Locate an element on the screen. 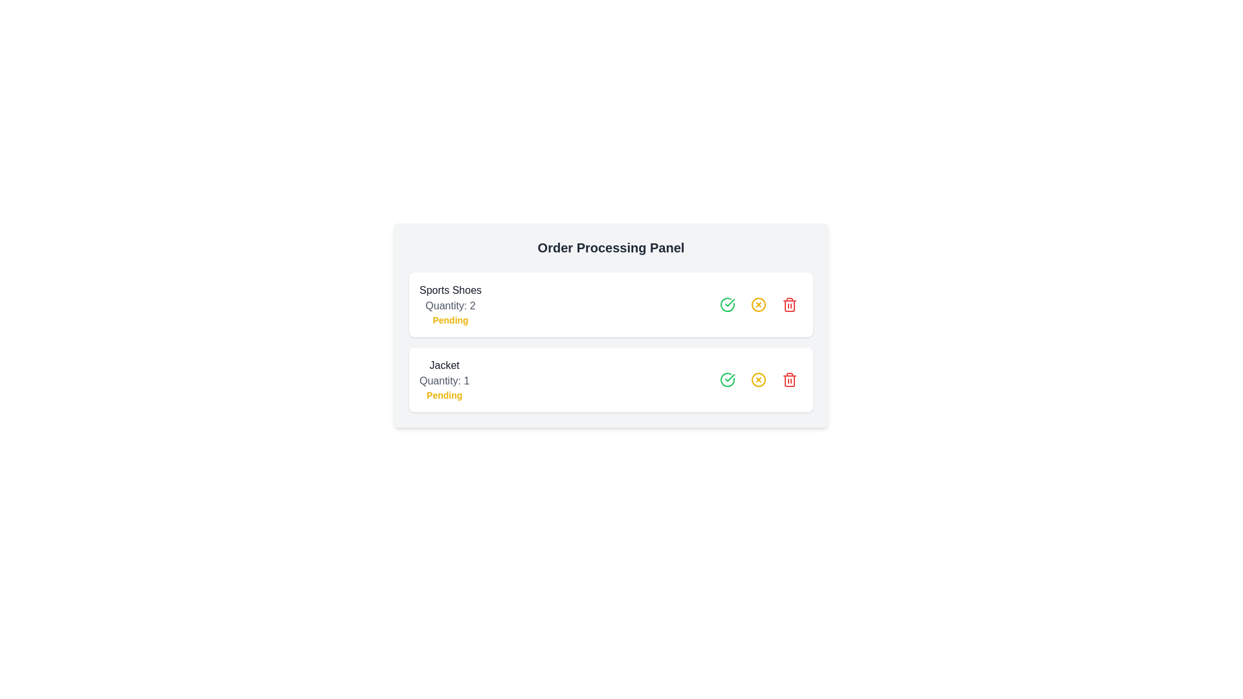  the red trash bin icon located in the bottom-right corner of the first row of the panel is located at coordinates (789, 304).